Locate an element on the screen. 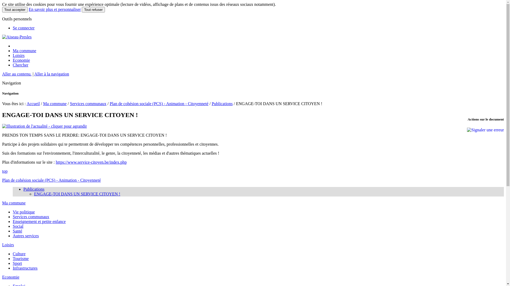  'Autres services' is located at coordinates (25, 235).